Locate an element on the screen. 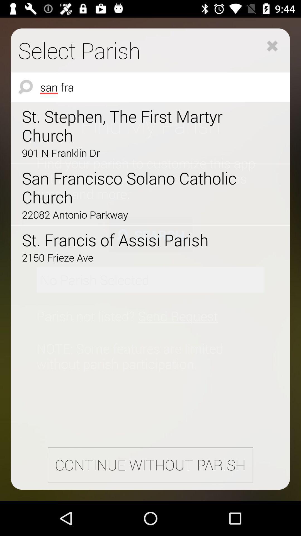 The image size is (301, 536). the icon below the st francis of is located at coordinates (135, 257).